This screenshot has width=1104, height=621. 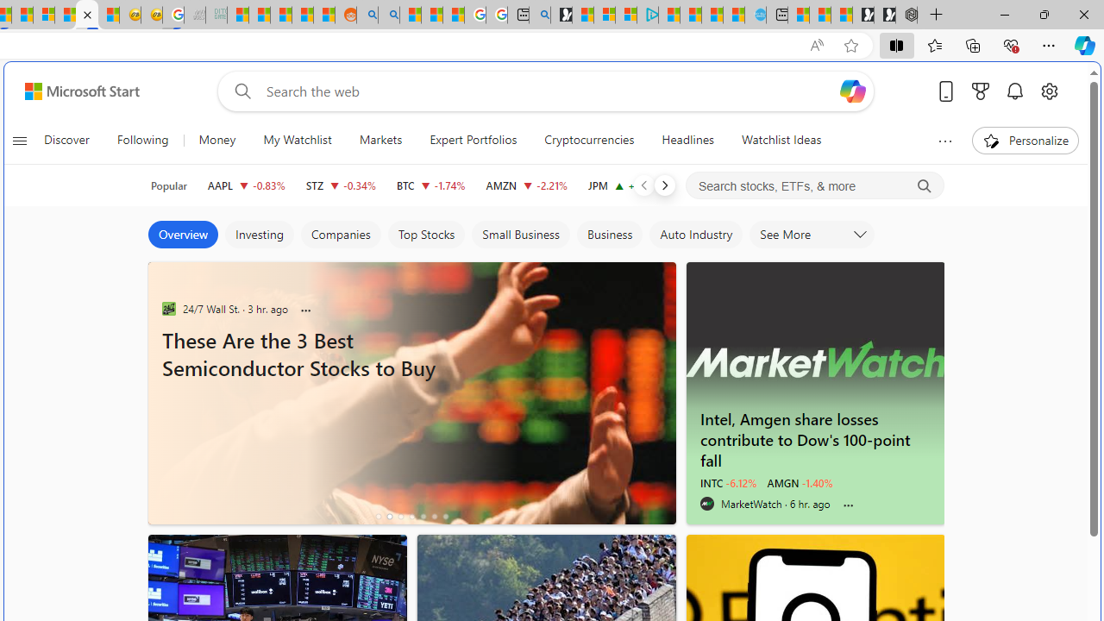 What do you see at coordinates (426, 235) in the screenshot?
I see `'Top Stocks'` at bounding box center [426, 235].